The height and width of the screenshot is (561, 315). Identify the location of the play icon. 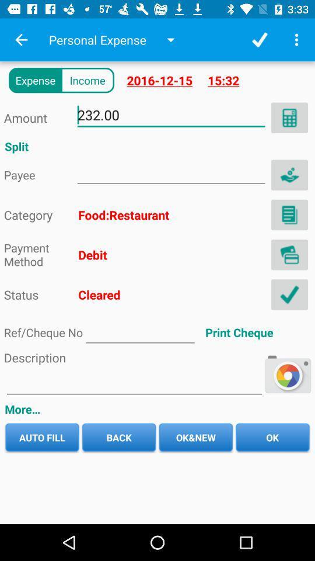
(287, 375).